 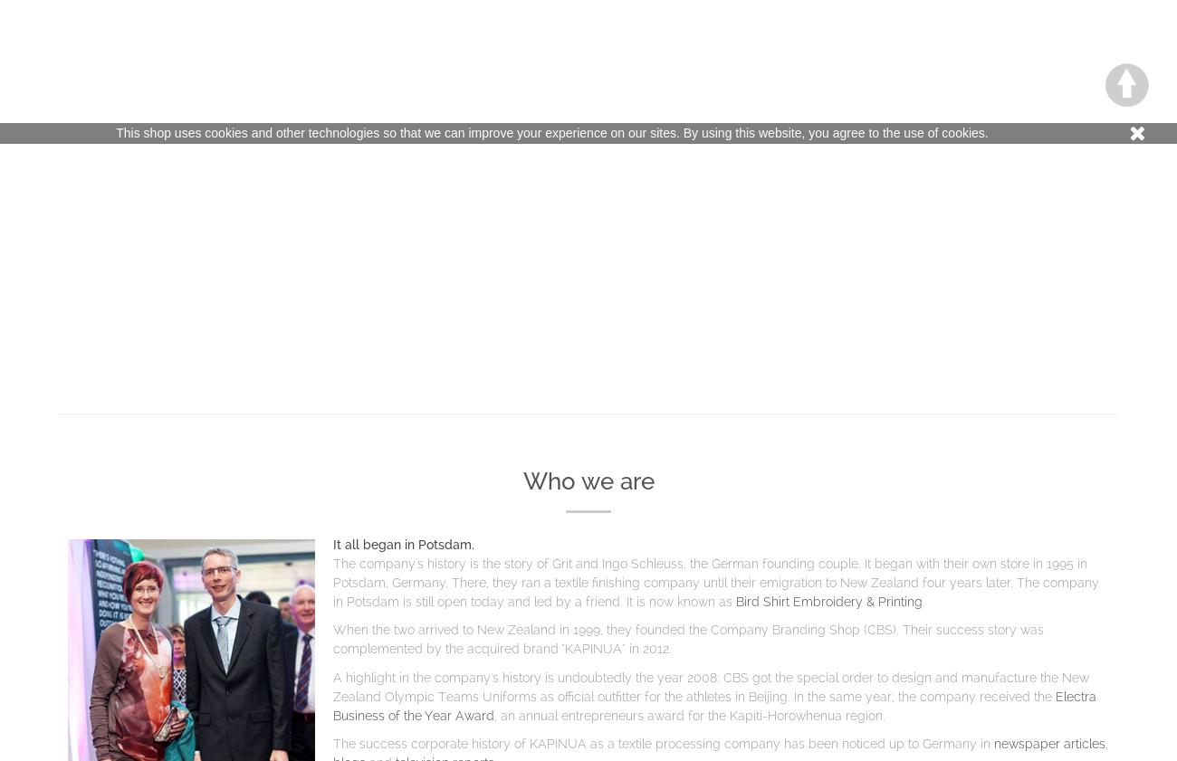 I want to click on 'It all began in Potsdam.', so click(x=401, y=543).